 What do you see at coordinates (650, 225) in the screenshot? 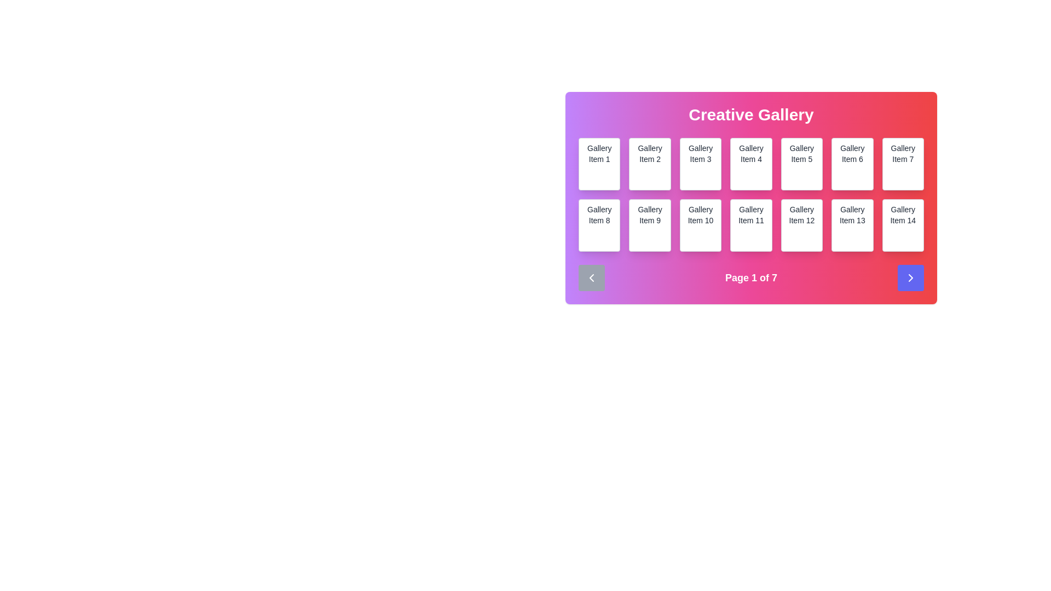
I see `to select or highlight the gallery card located in the second row and second column of the grid, which is positioned below 'Gallery Item 2' and to the right of 'Gallery Item 8'` at bounding box center [650, 225].